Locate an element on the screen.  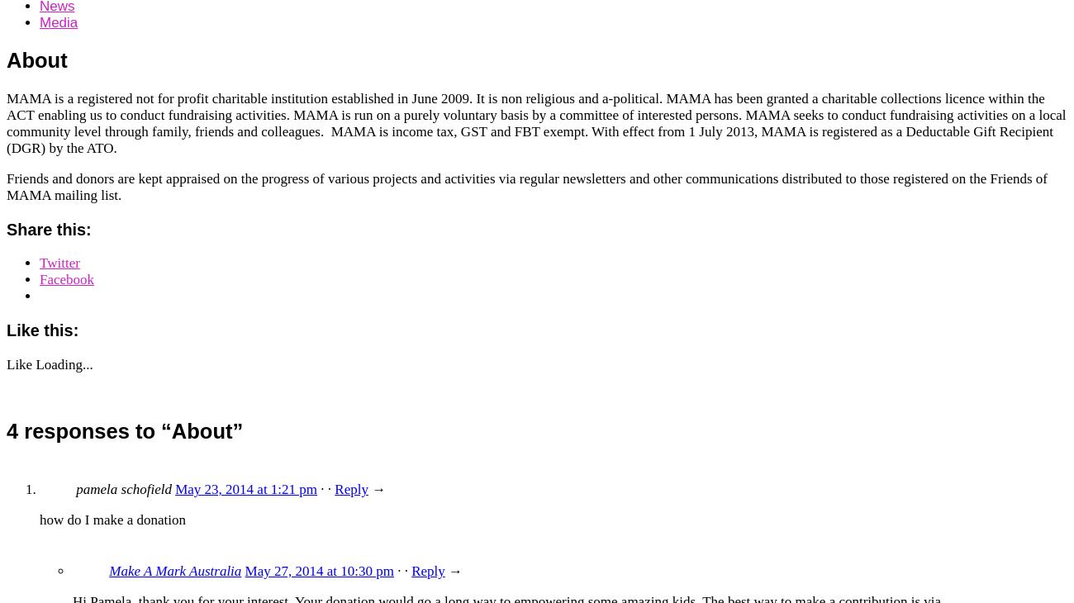
'Make A Mark Australia' is located at coordinates (107, 571).